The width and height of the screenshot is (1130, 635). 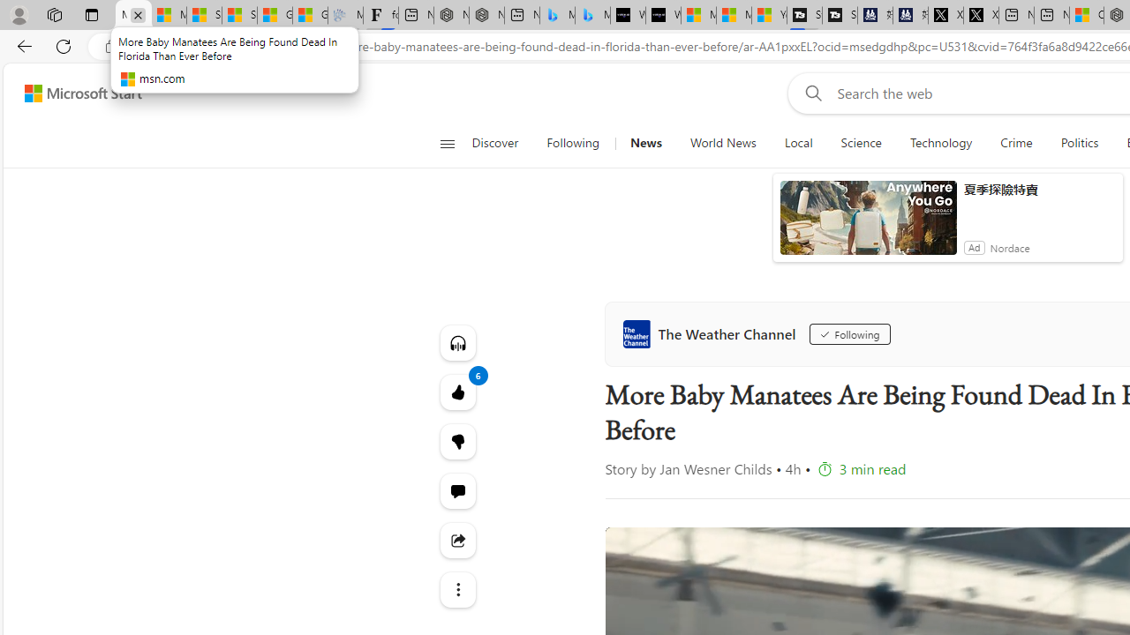 What do you see at coordinates (803, 15) in the screenshot?
I see `'Streaming Coverage | T3'` at bounding box center [803, 15].